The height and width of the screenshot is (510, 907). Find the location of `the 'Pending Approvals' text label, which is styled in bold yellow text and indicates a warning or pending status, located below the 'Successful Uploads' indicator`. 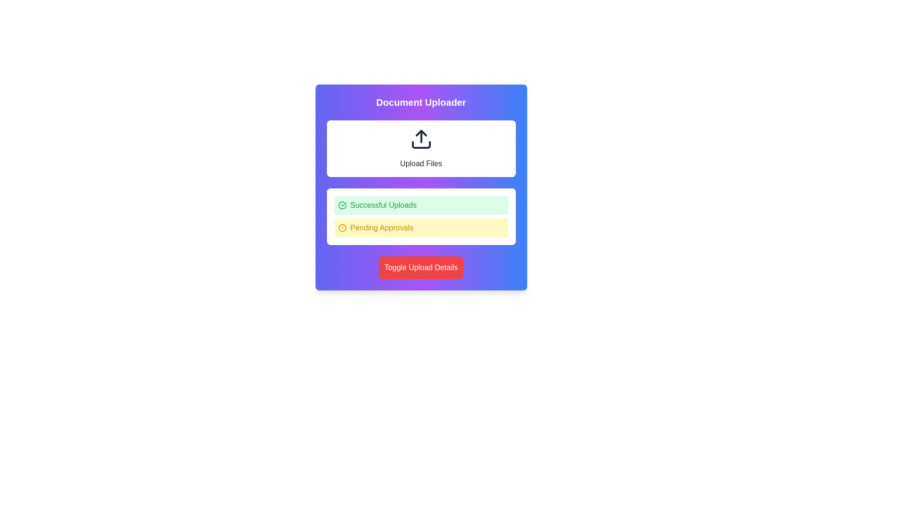

the 'Pending Approvals' text label, which is styled in bold yellow text and indicates a warning or pending status, located below the 'Successful Uploads' indicator is located at coordinates (381, 228).